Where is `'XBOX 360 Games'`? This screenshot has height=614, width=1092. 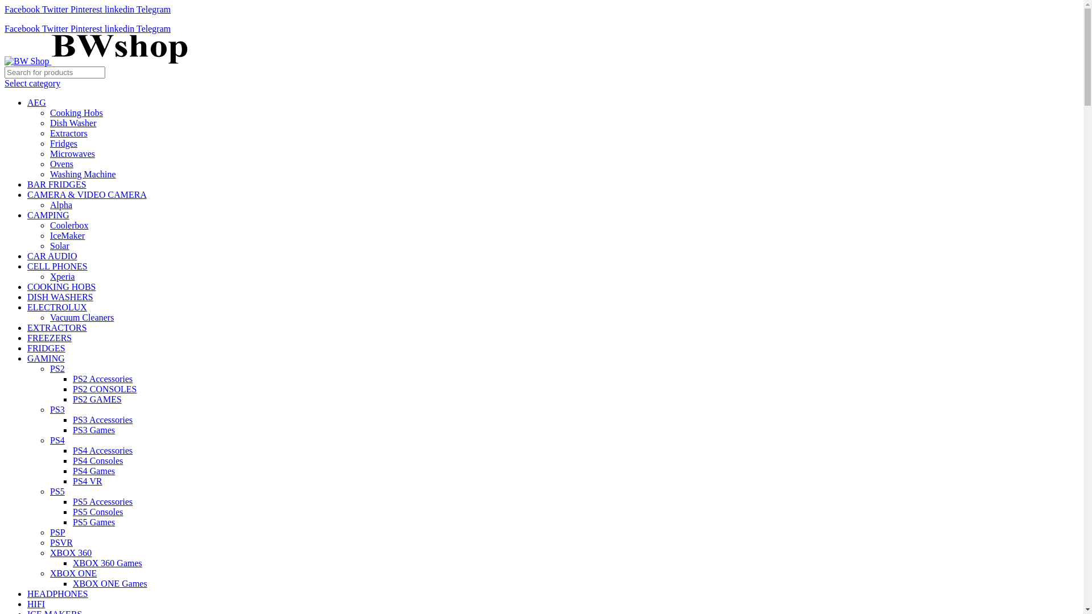 'XBOX 360 Games' is located at coordinates (72, 563).